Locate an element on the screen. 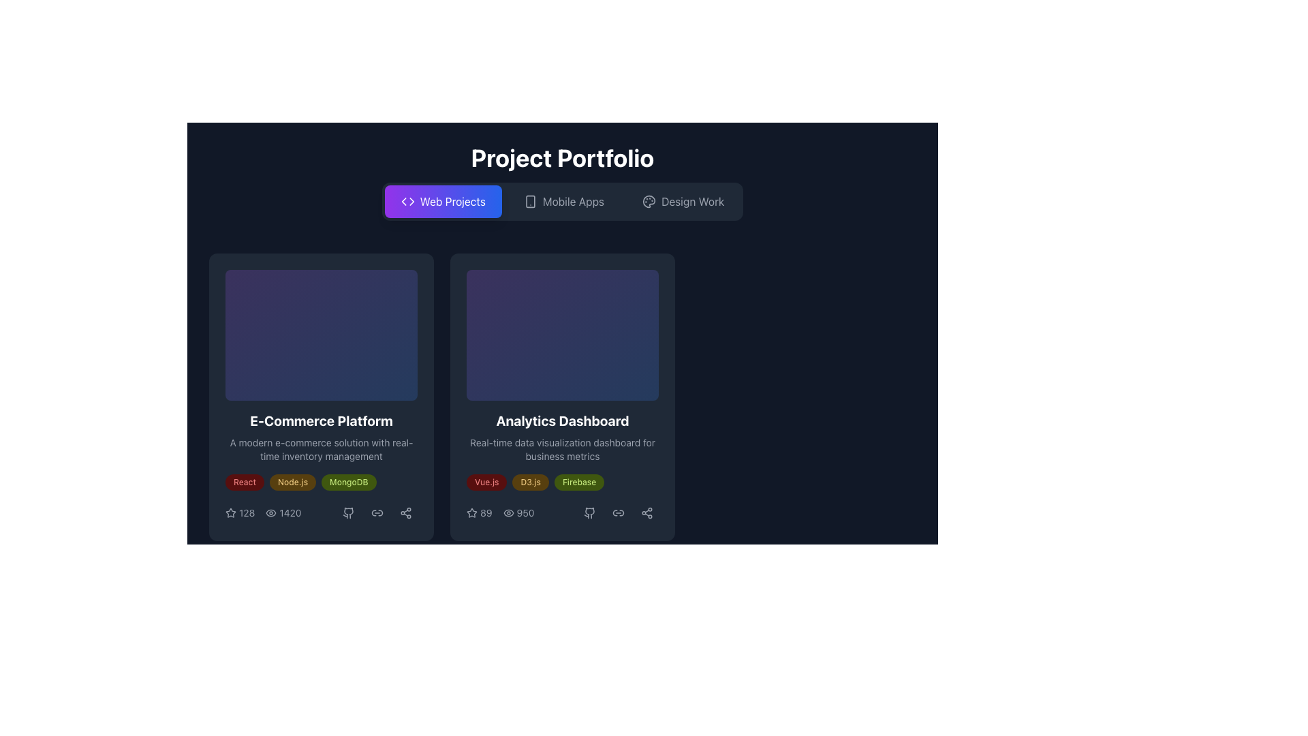  the circular Icon button located in the bottom-right corner of the 'Analytics Dashboard' card is located at coordinates (589, 512).